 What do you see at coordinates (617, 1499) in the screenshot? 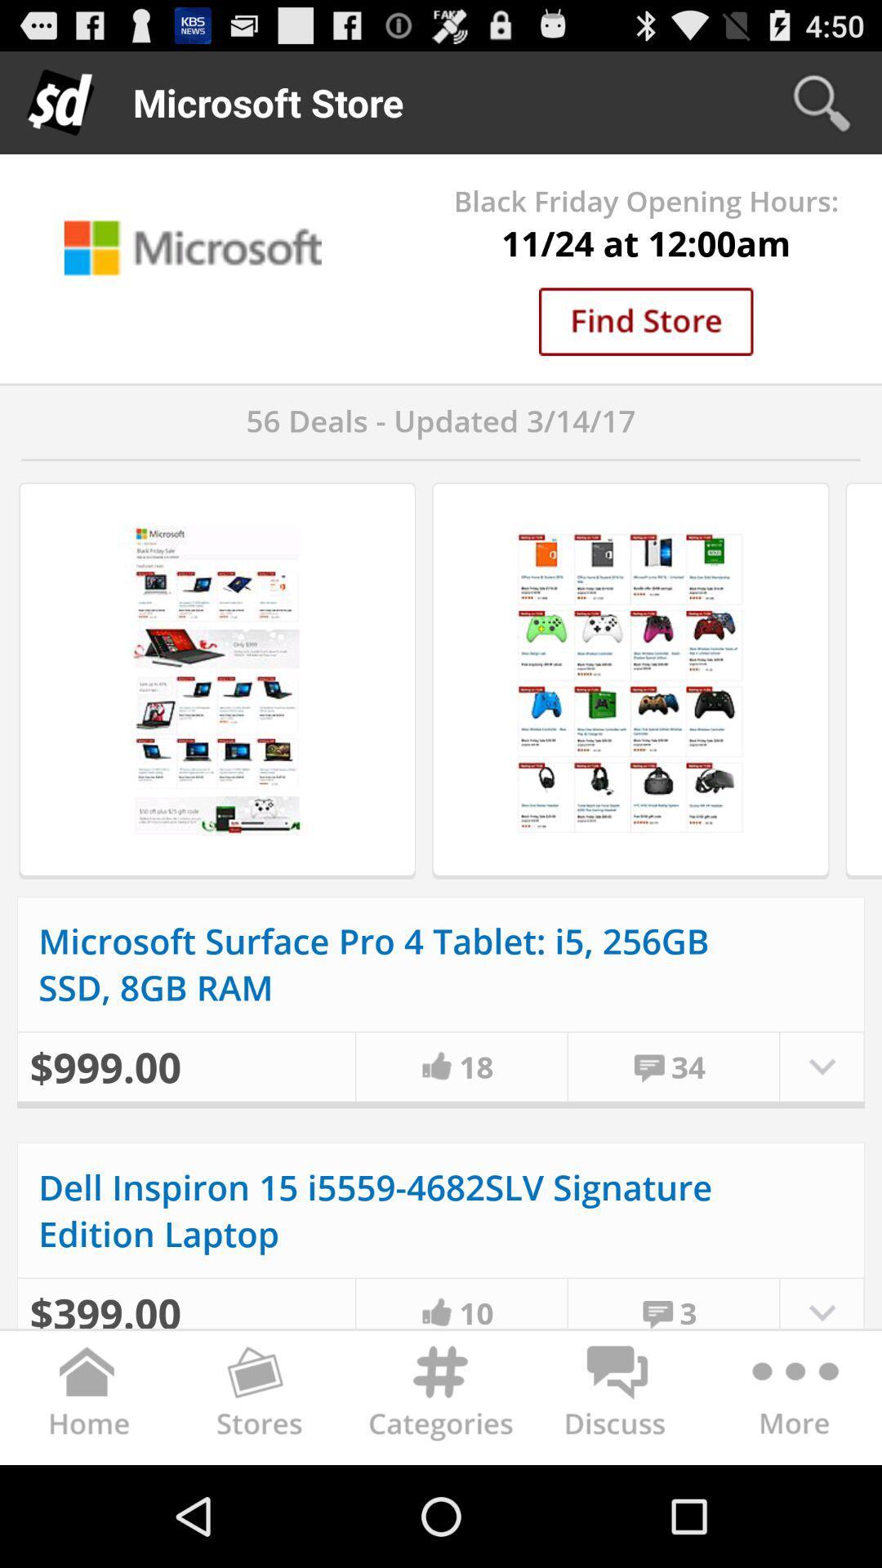
I see `the chat icon` at bounding box center [617, 1499].